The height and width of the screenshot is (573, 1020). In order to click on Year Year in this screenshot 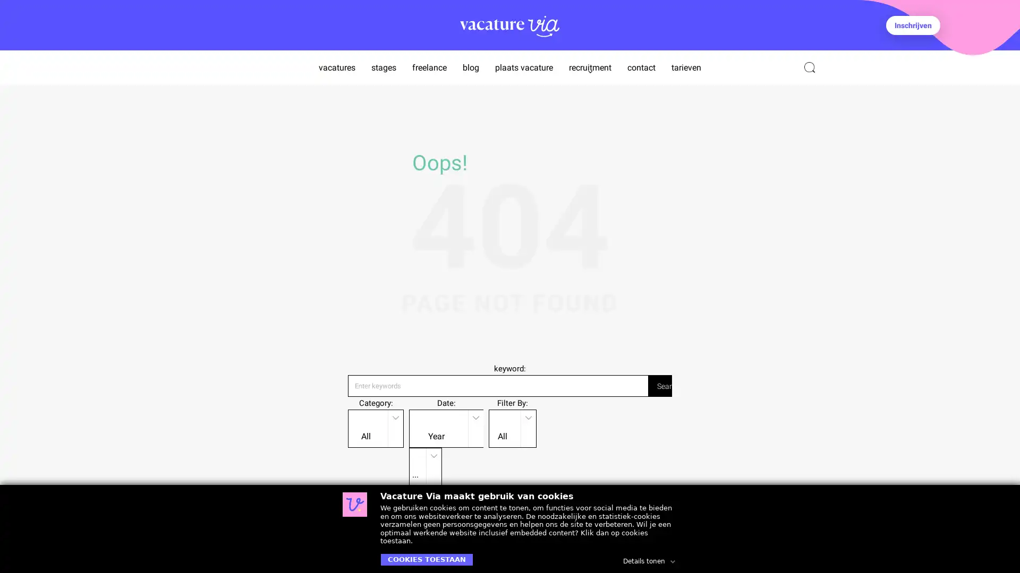, I will do `click(446, 427)`.